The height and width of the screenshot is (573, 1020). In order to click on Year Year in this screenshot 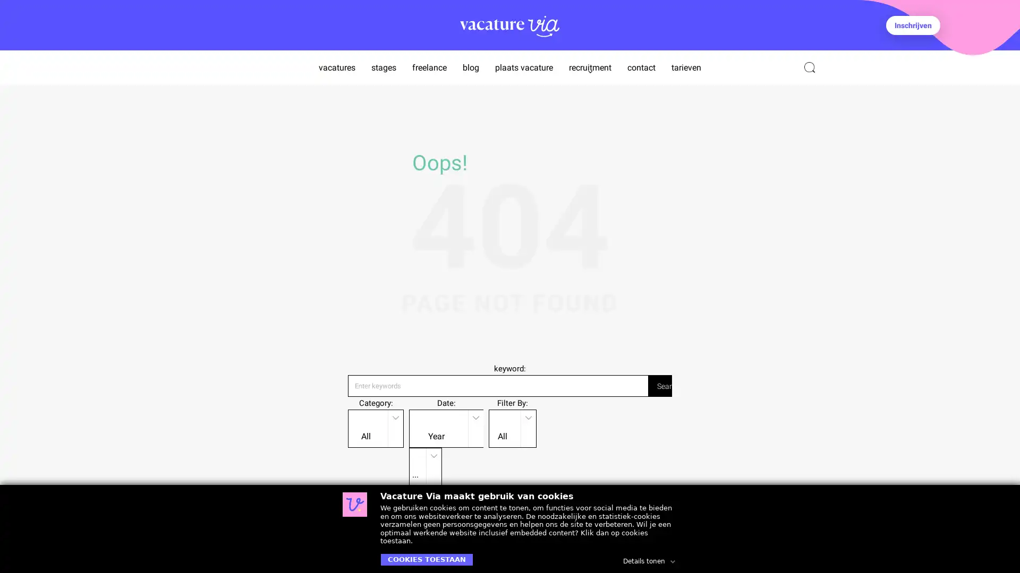, I will do `click(446, 427)`.